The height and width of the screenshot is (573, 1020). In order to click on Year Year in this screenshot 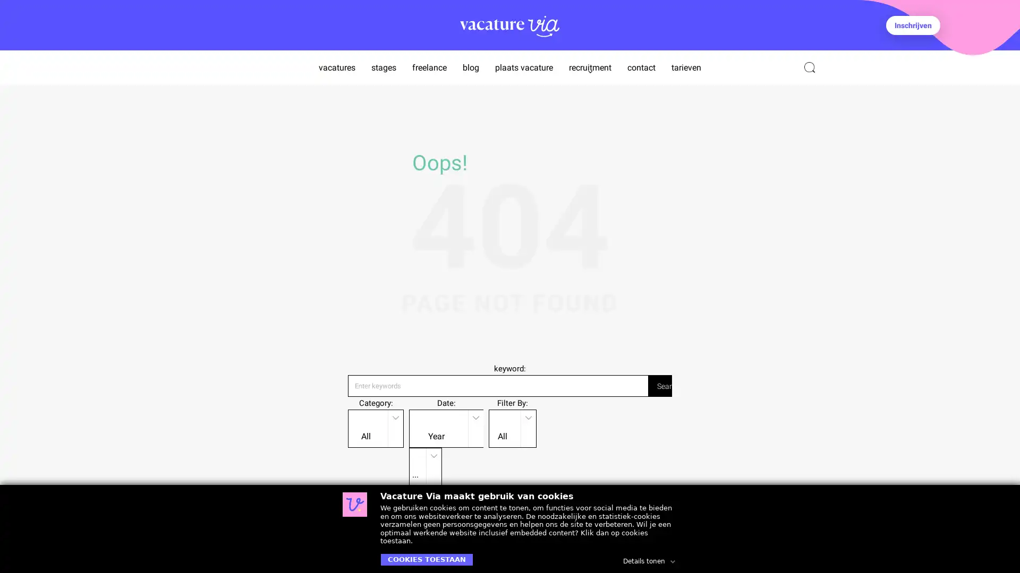, I will do `click(446, 427)`.